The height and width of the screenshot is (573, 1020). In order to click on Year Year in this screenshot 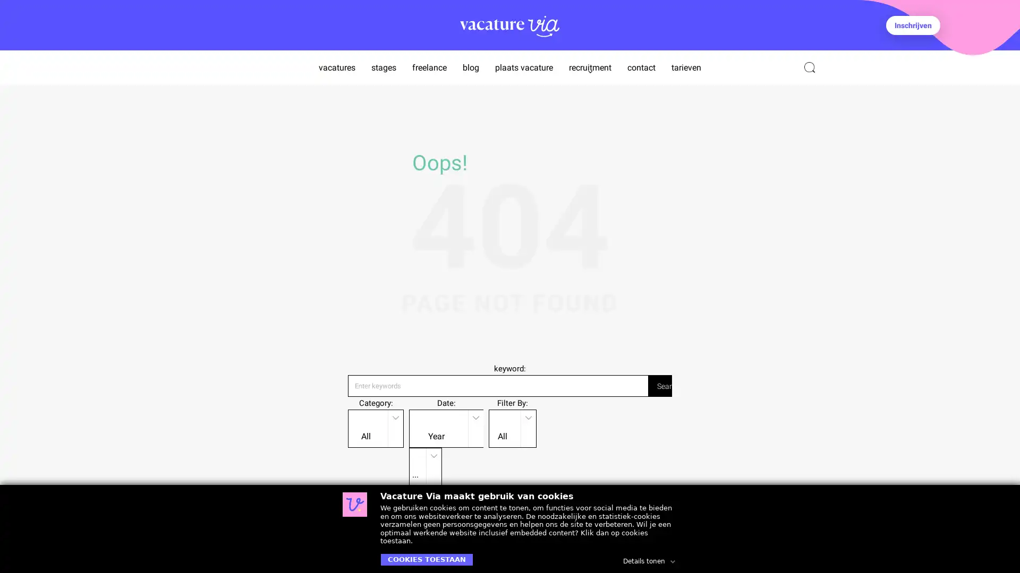, I will do `click(446, 427)`.